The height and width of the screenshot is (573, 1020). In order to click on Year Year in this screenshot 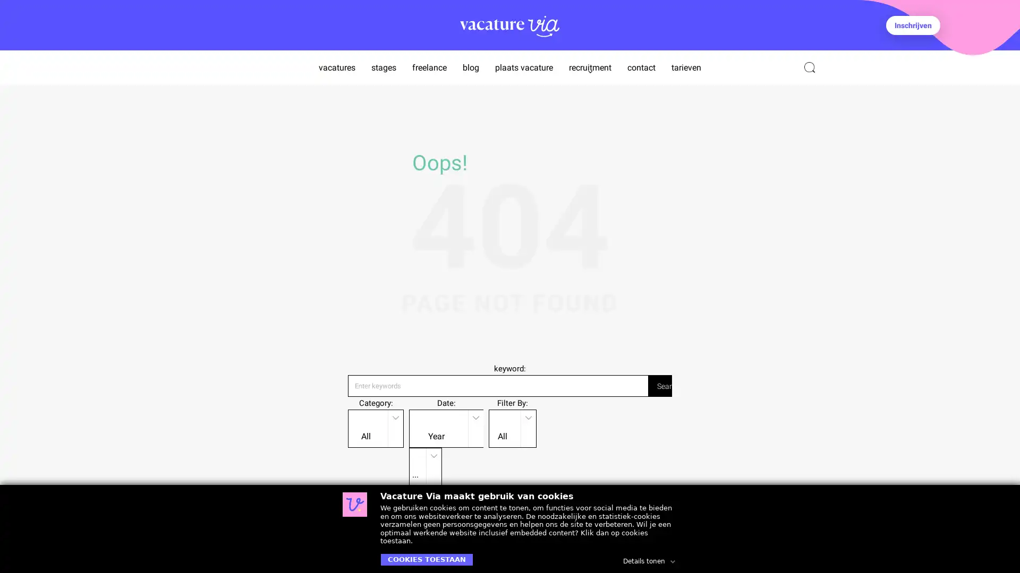, I will do `click(446, 427)`.